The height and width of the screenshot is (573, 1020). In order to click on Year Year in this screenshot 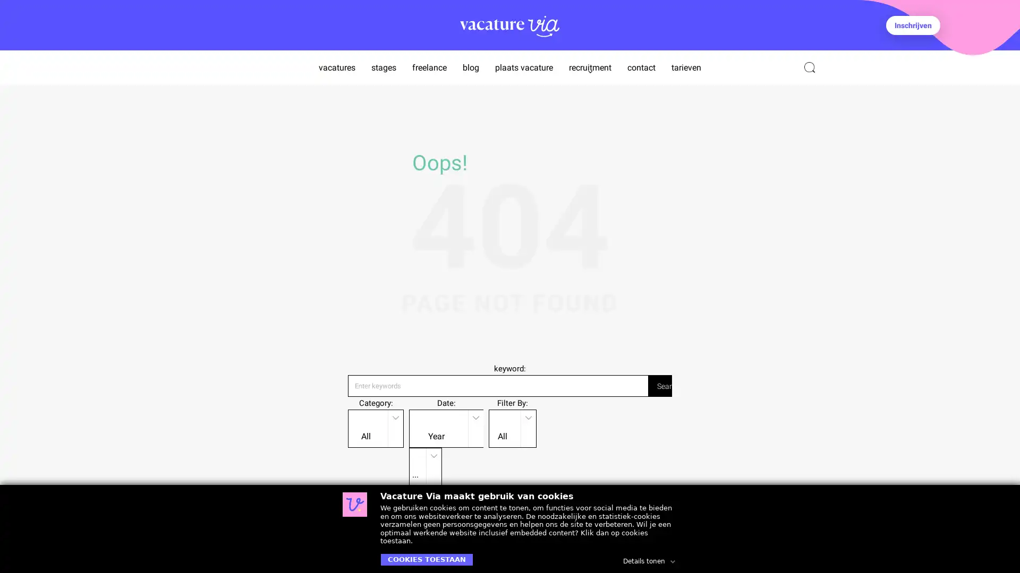, I will do `click(446, 427)`.